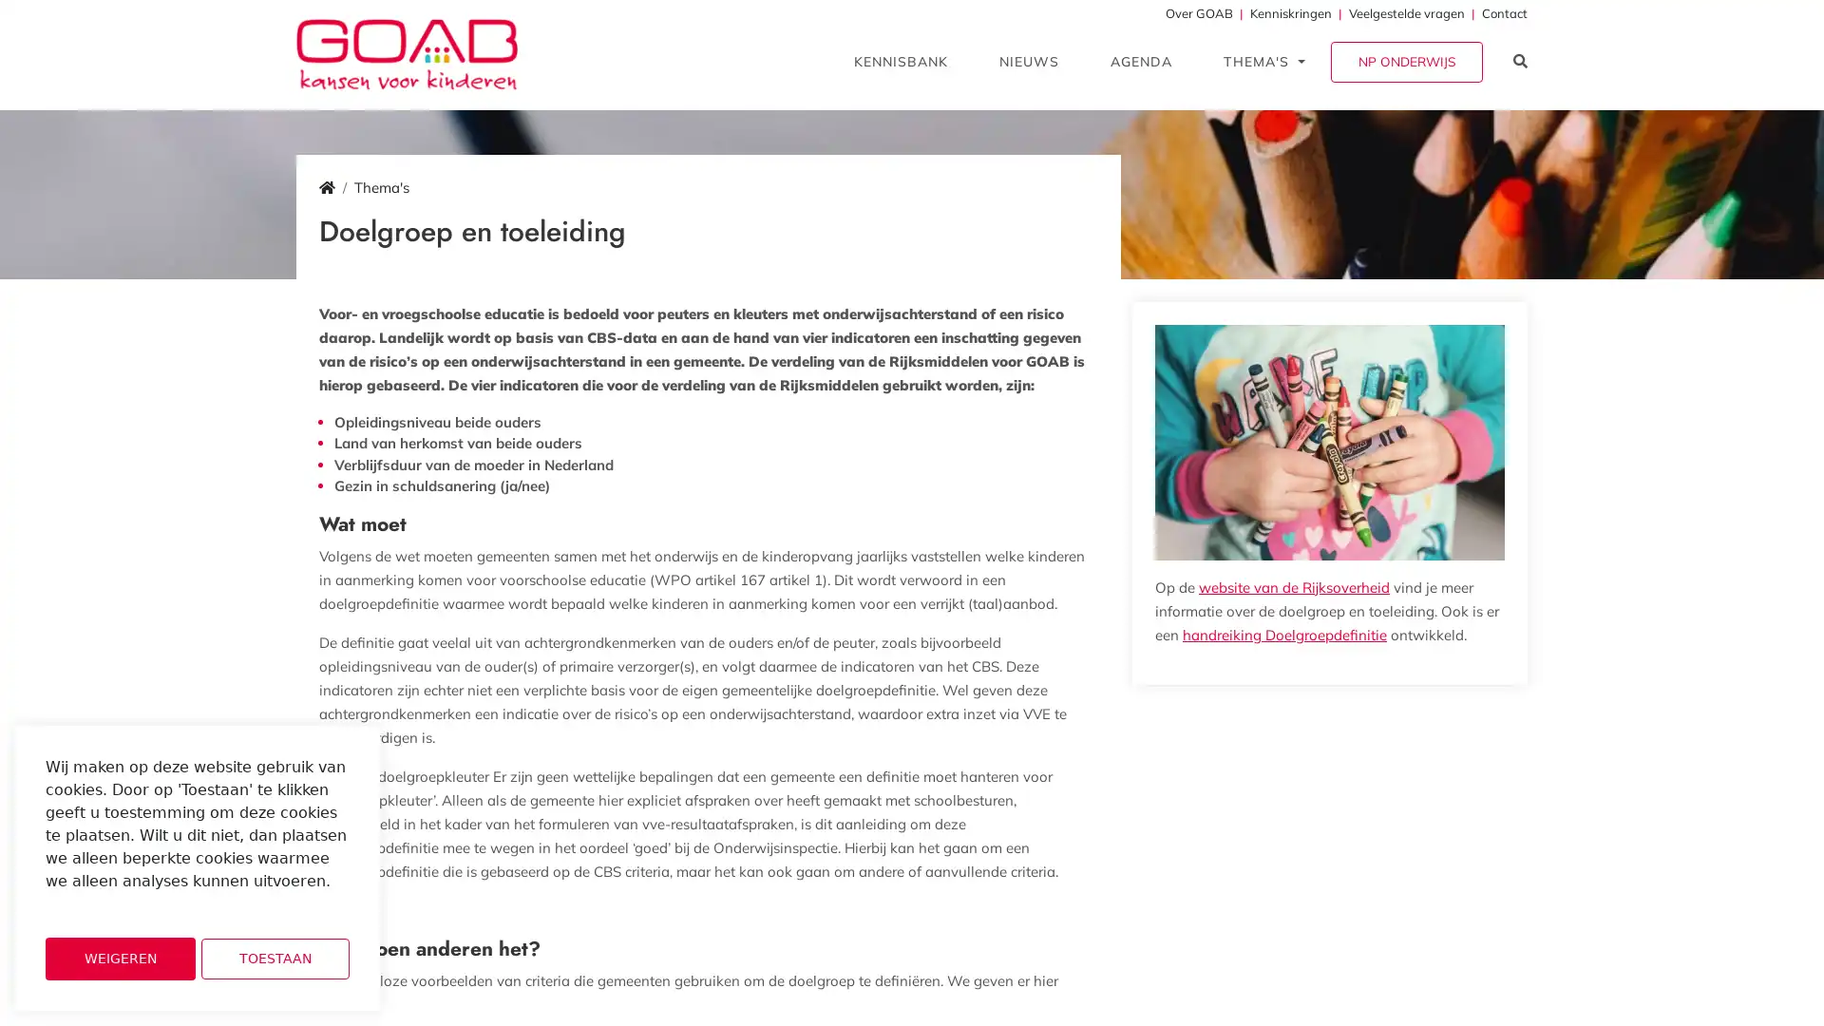 The height and width of the screenshot is (1026, 1824). What do you see at coordinates (95, 906) in the screenshot?
I see `learn more about cookies` at bounding box center [95, 906].